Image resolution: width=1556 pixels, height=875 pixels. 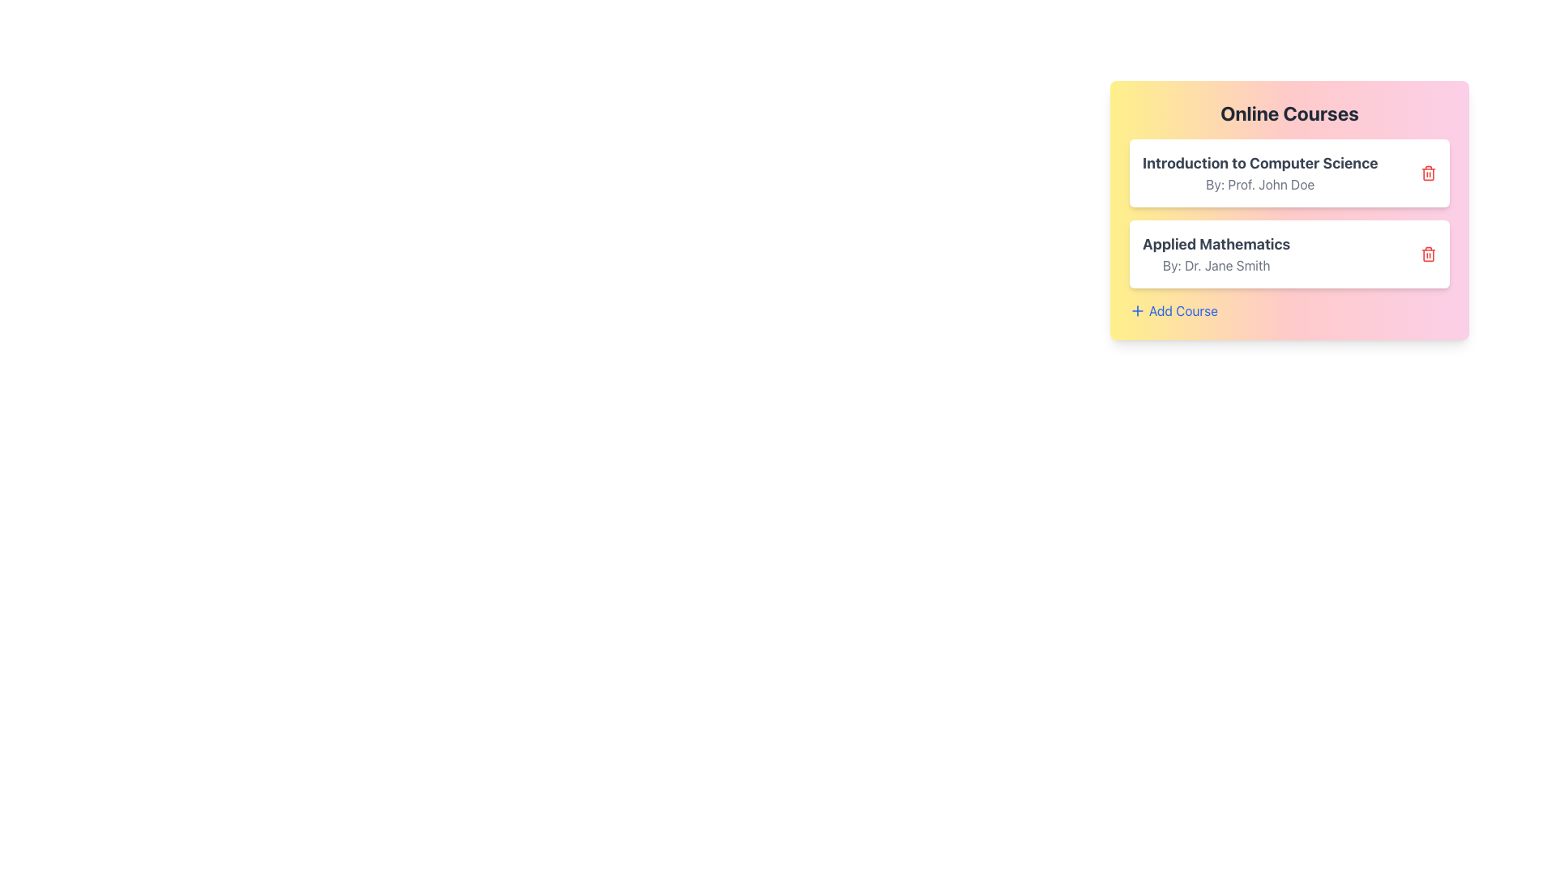 I want to click on the text content displaying 'Introduction to Computer Science' by 'Prof. John Doe' located in the upper part of the list of courses under 'Online Courses', so click(x=1259, y=173).